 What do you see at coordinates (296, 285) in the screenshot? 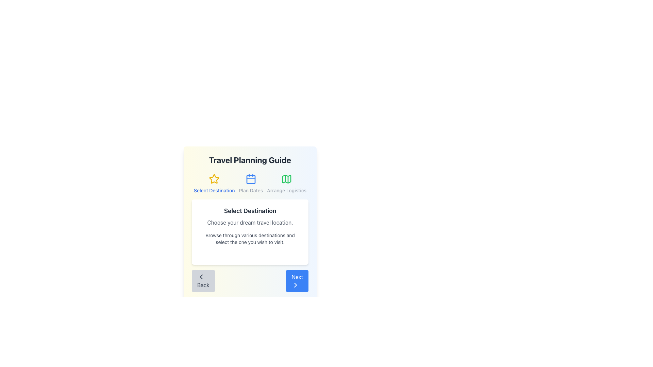
I see `the rightward-pointing chevron arrow within the 'Next' button to trigger potential hover effects` at bounding box center [296, 285].